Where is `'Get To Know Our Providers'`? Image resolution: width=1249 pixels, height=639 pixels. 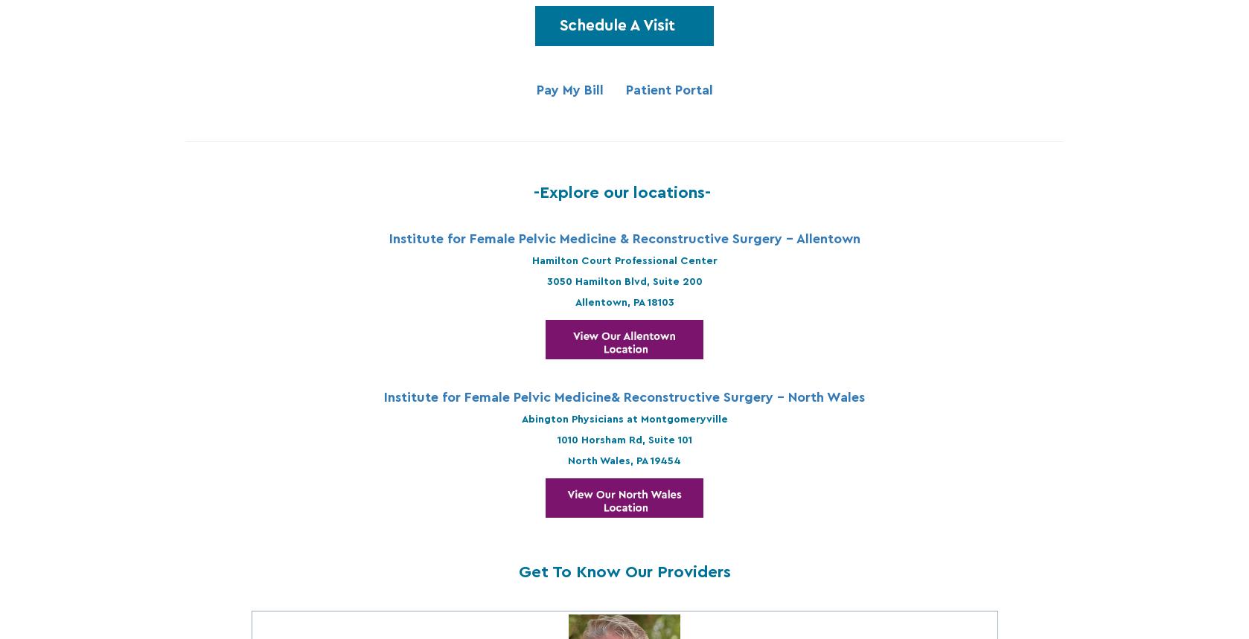
'Get To Know Our Providers' is located at coordinates (623, 571).